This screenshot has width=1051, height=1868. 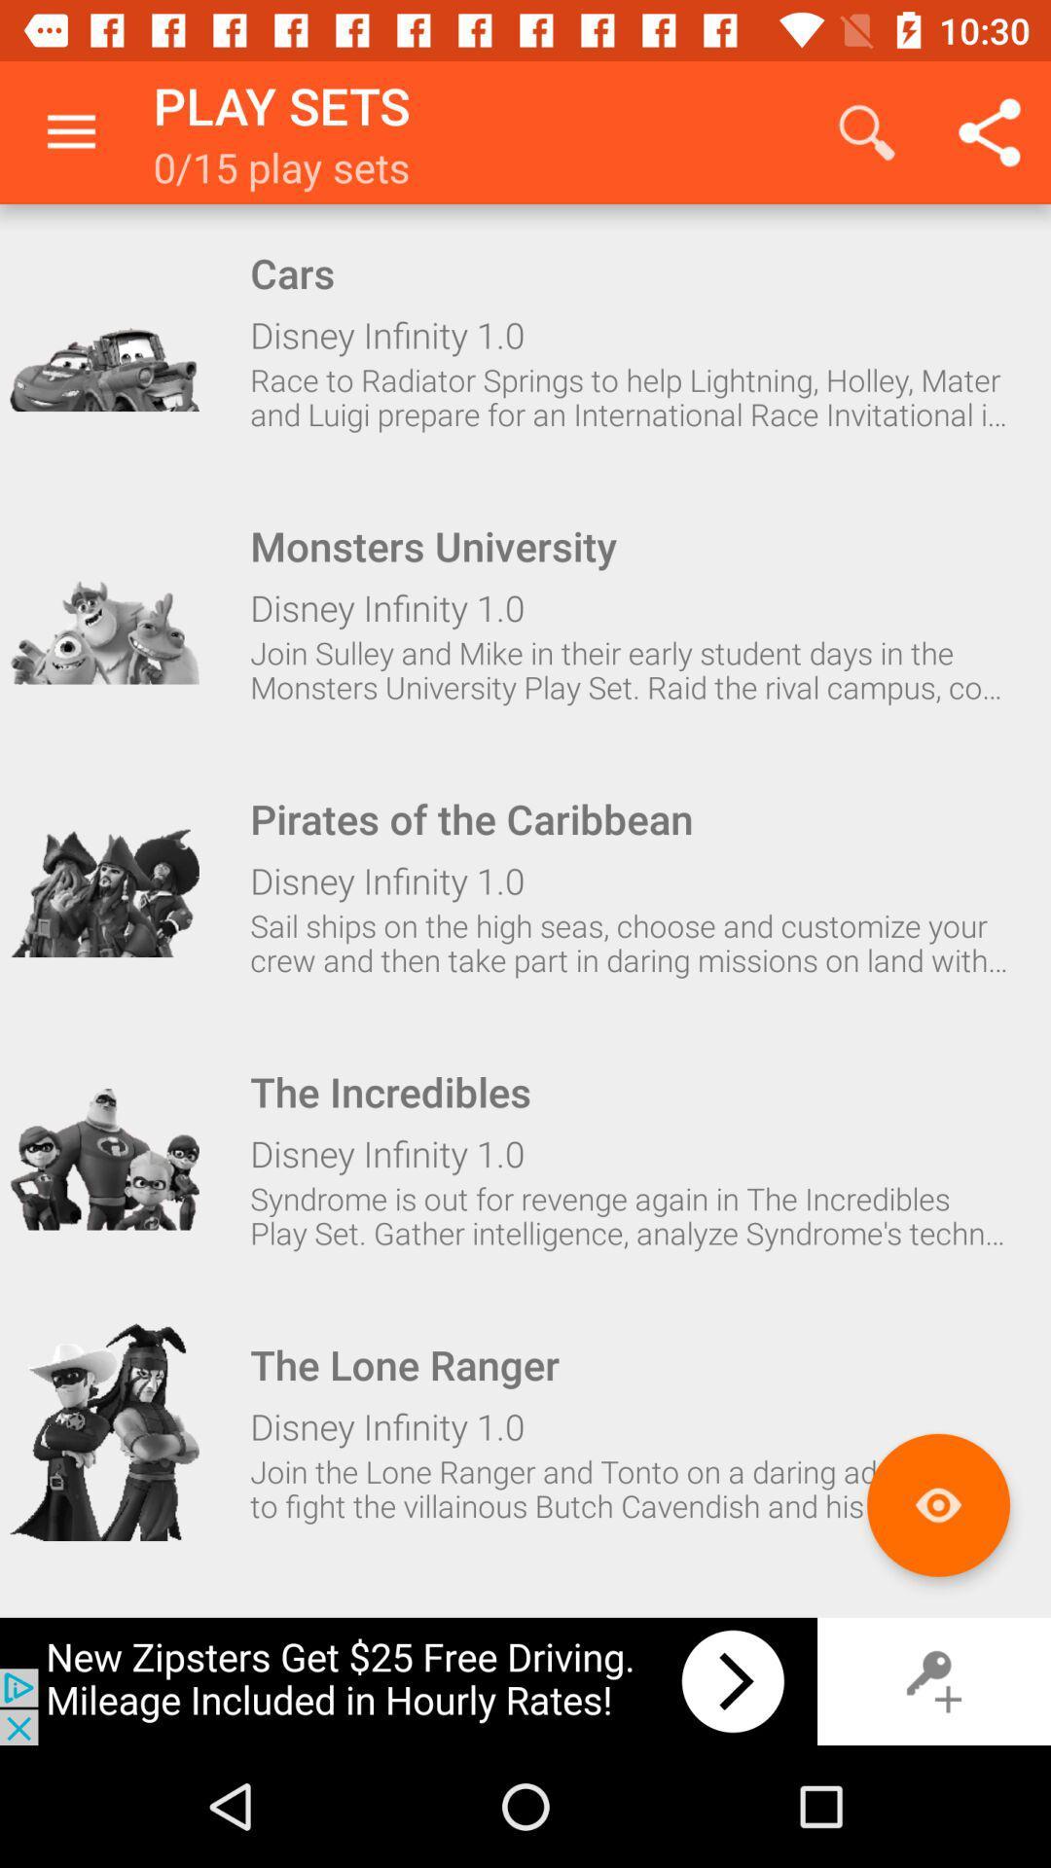 What do you see at coordinates (104, 341) in the screenshot?
I see `this item` at bounding box center [104, 341].